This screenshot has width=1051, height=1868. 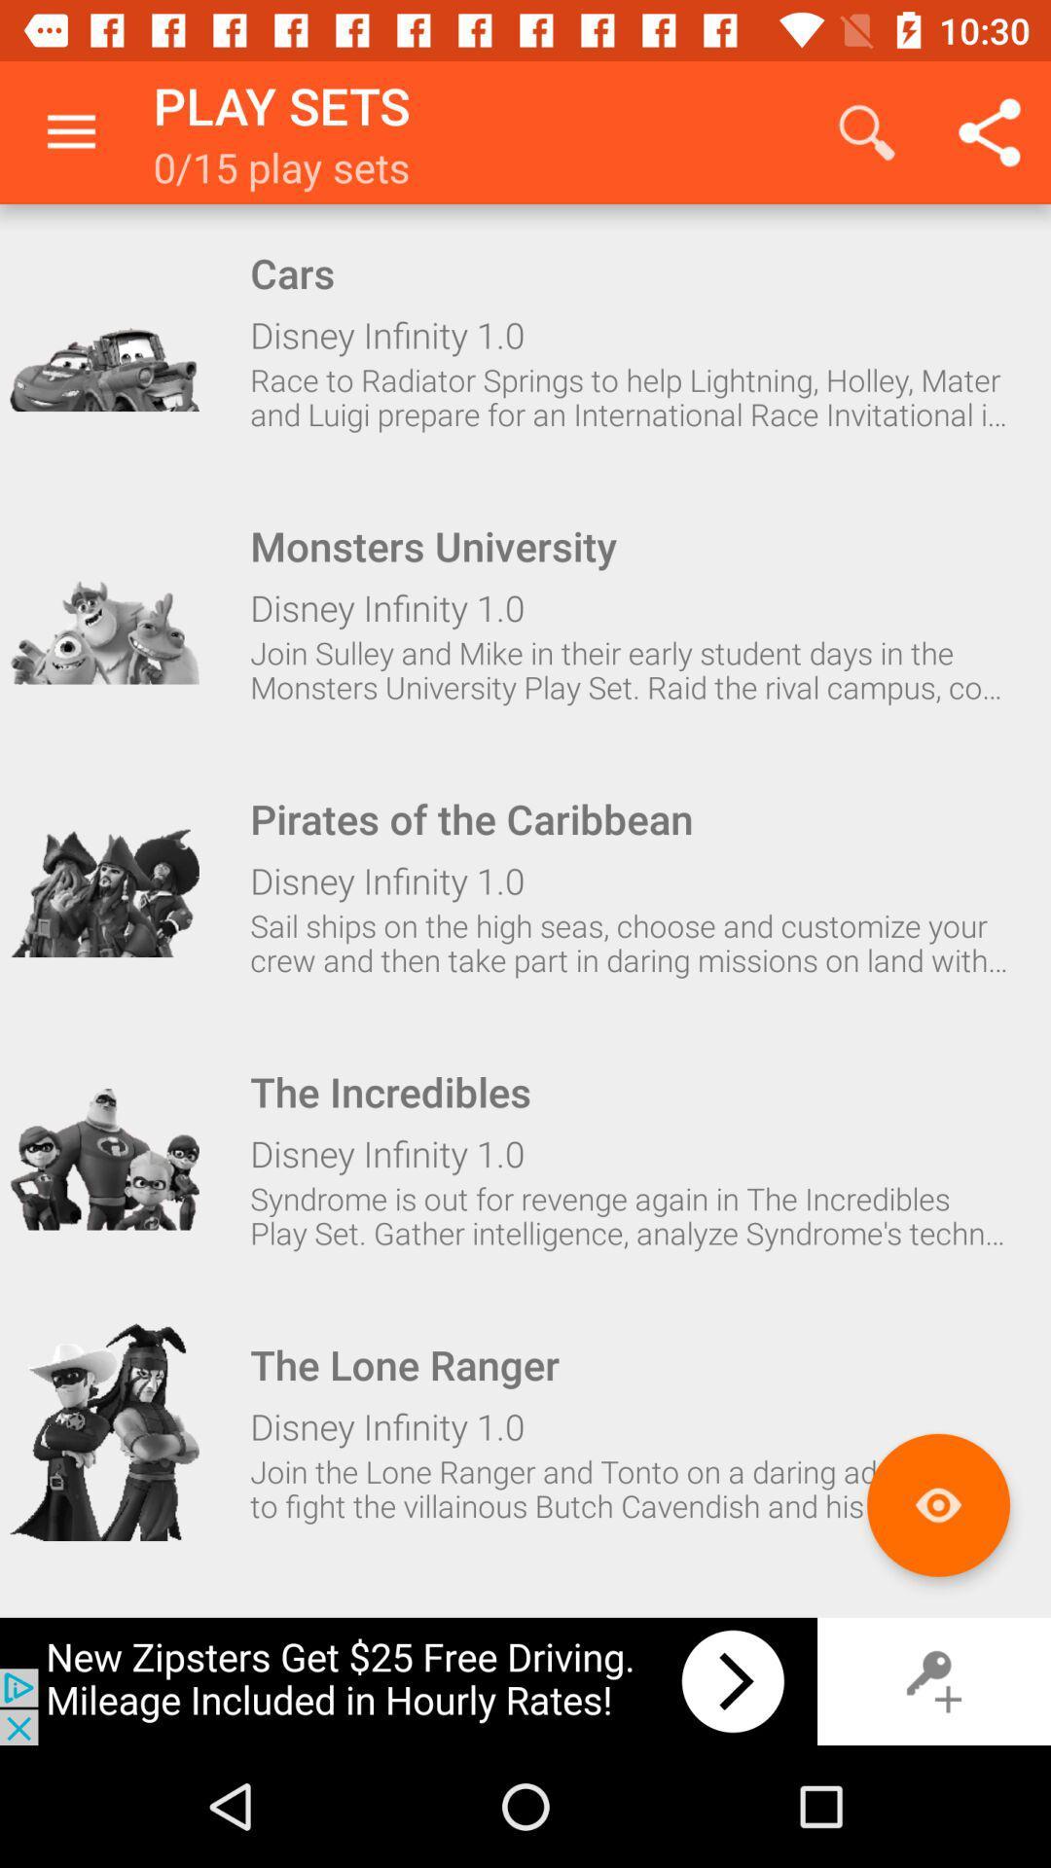 What do you see at coordinates (104, 341) in the screenshot?
I see `this item` at bounding box center [104, 341].